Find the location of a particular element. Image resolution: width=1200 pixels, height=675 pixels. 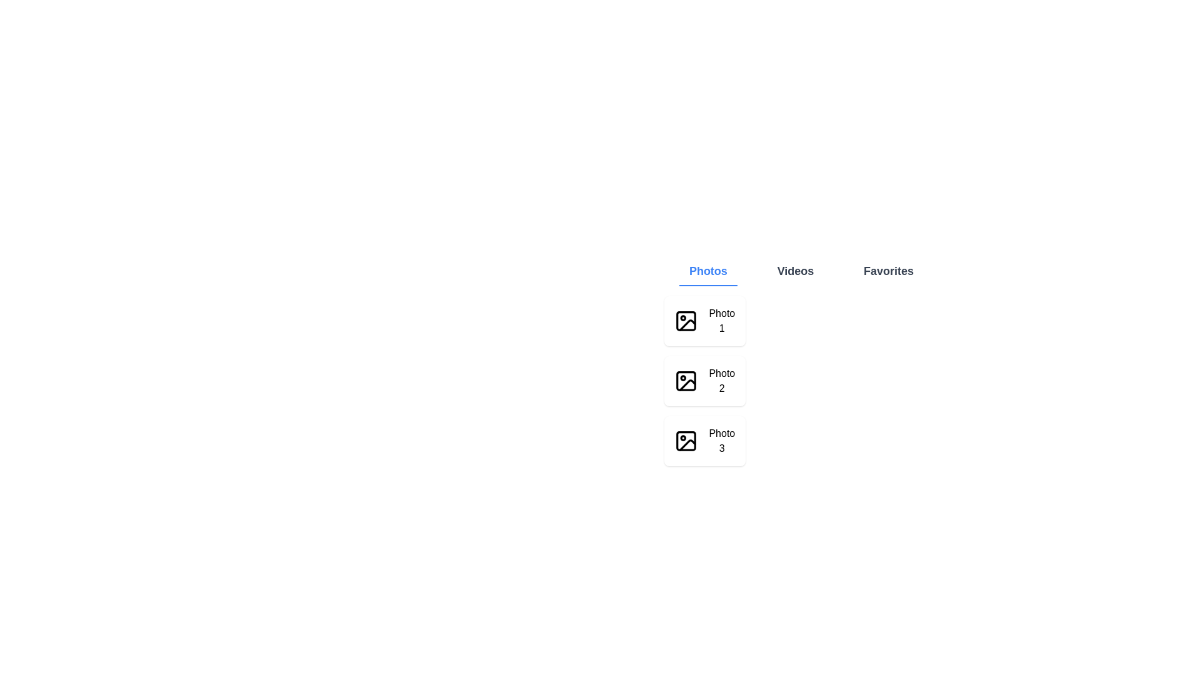

the 'Videos' navigation tab located centrally in the horizontal menu layout is located at coordinates (794, 271).